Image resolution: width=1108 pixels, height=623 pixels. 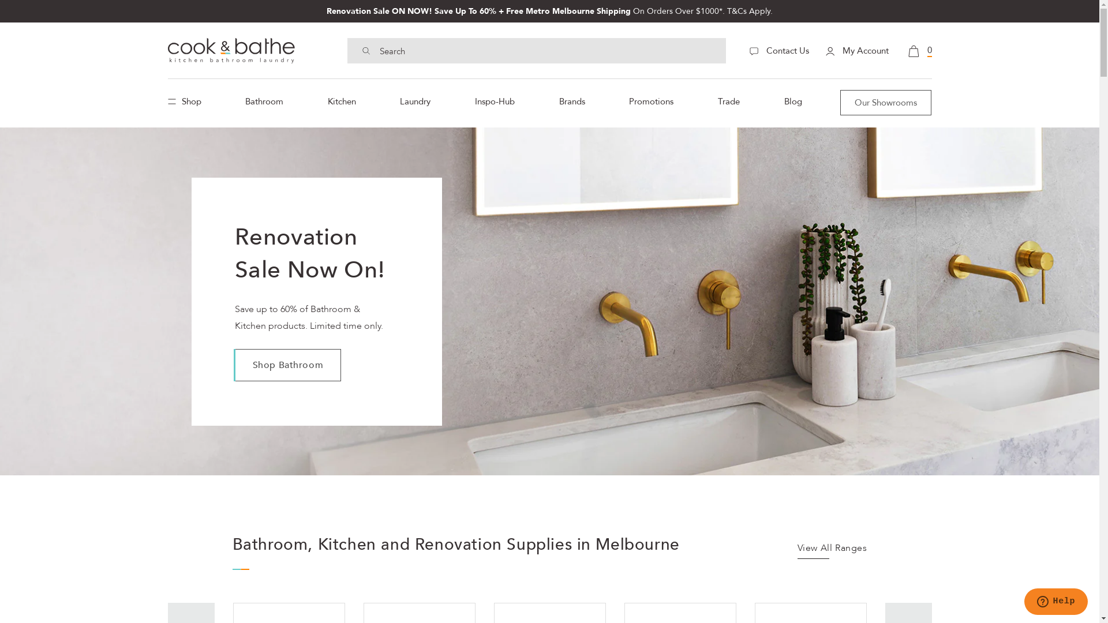 I want to click on 'Contact Us', so click(x=778, y=50).